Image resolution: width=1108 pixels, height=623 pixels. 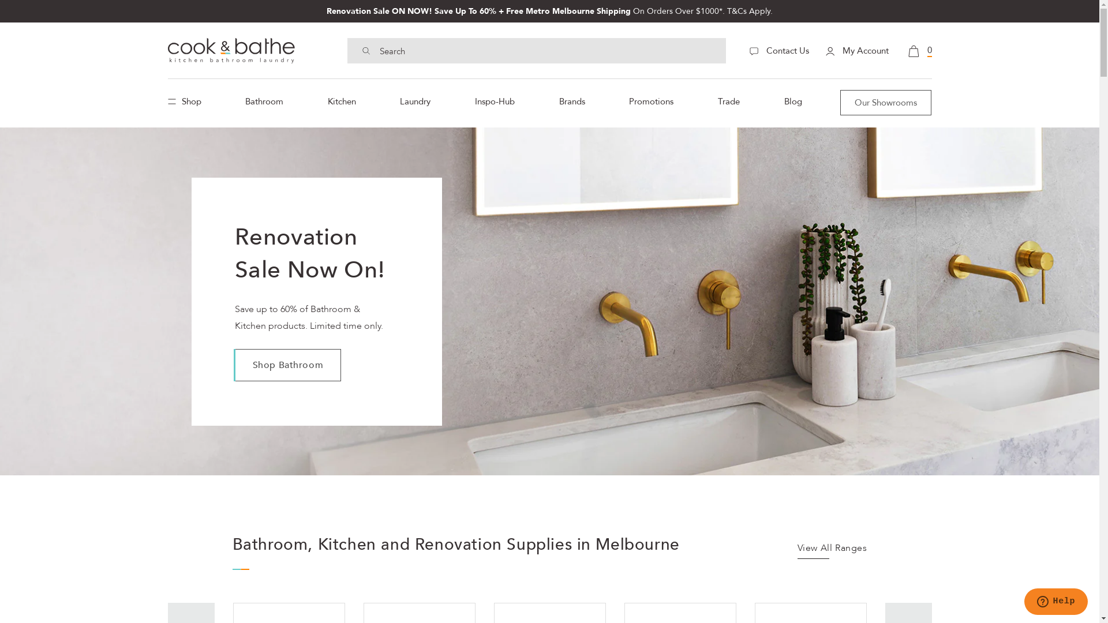 I want to click on 'Contact Us', so click(x=778, y=50).